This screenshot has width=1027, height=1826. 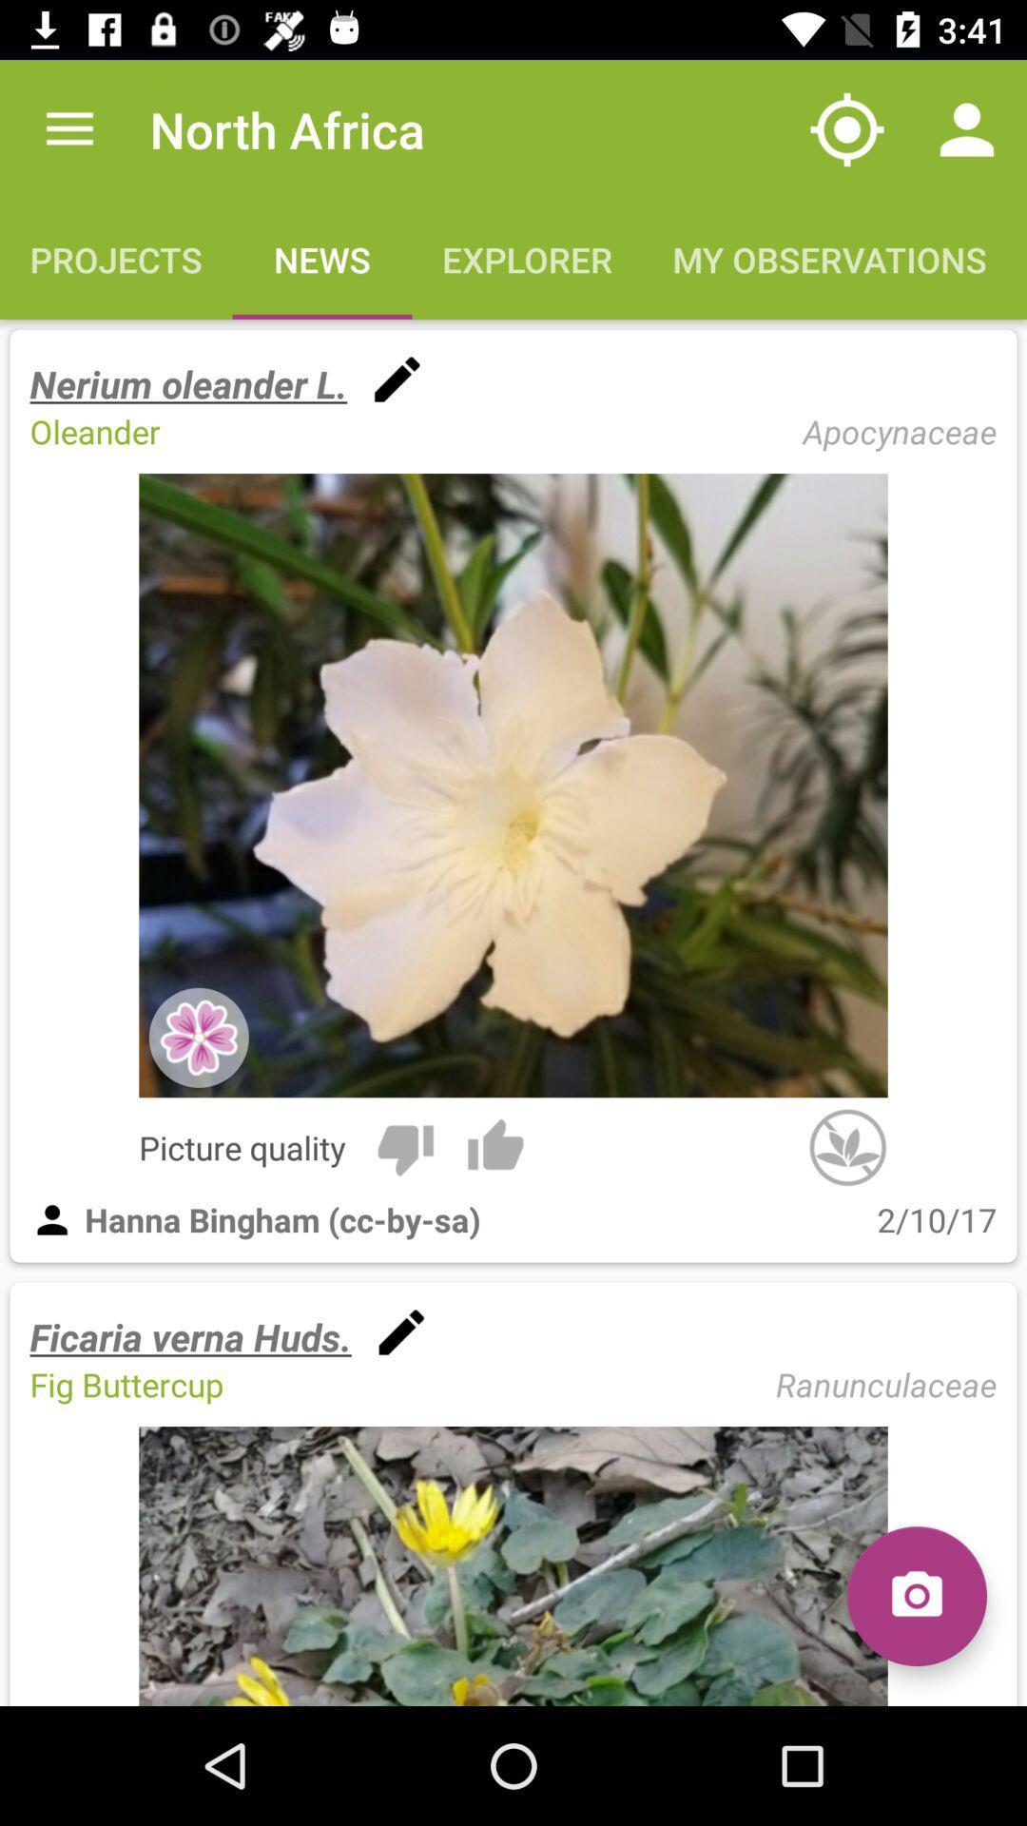 I want to click on item next to the picture quality item, so click(x=404, y=1146).